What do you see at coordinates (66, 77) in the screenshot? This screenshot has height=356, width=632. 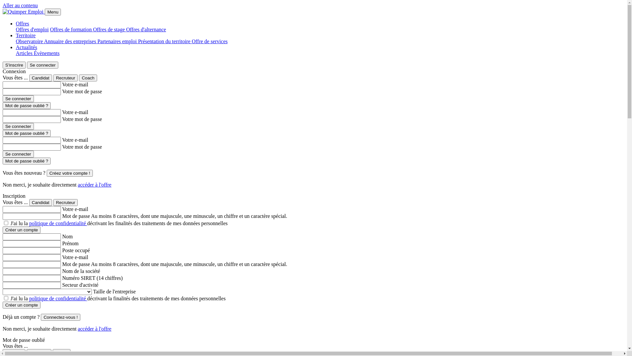 I see `'Recruteur'` at bounding box center [66, 77].